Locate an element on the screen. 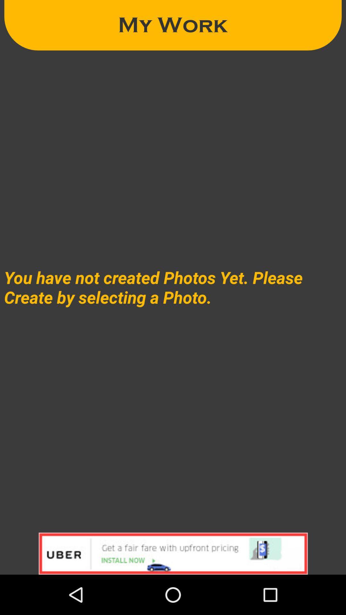 Image resolution: width=346 pixels, height=615 pixels. click on advertisement is located at coordinates (173, 553).